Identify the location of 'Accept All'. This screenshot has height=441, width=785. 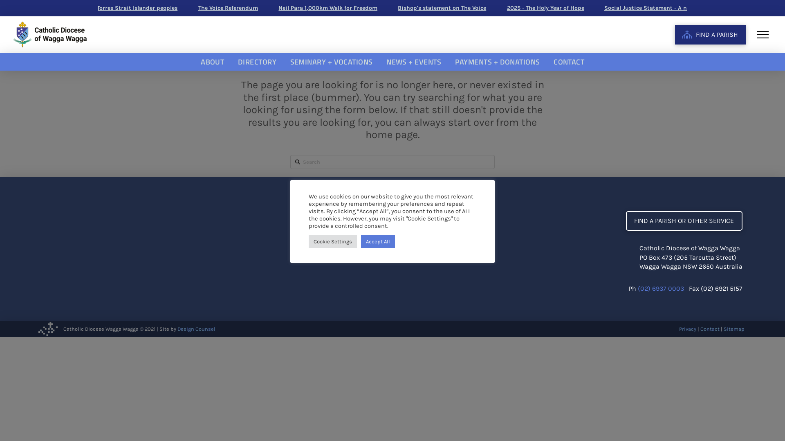
(377, 241).